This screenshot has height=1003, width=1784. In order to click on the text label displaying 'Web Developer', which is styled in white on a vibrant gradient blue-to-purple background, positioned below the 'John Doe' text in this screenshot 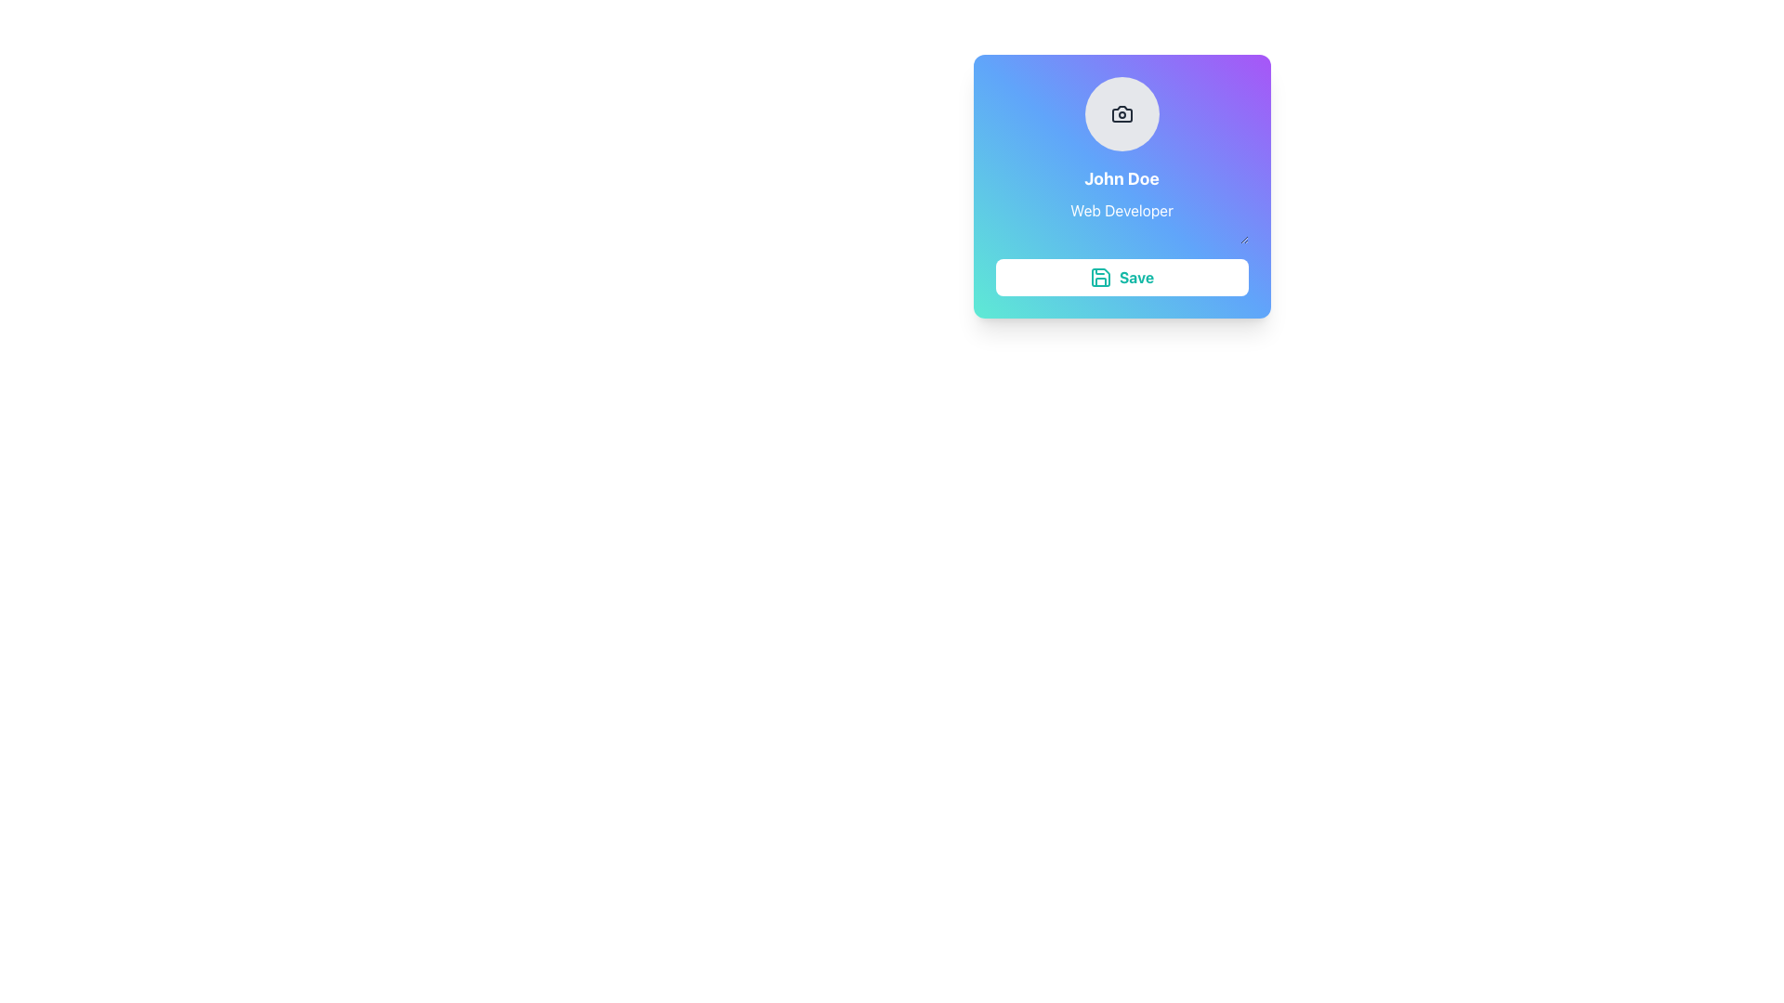, I will do `click(1121, 221)`.